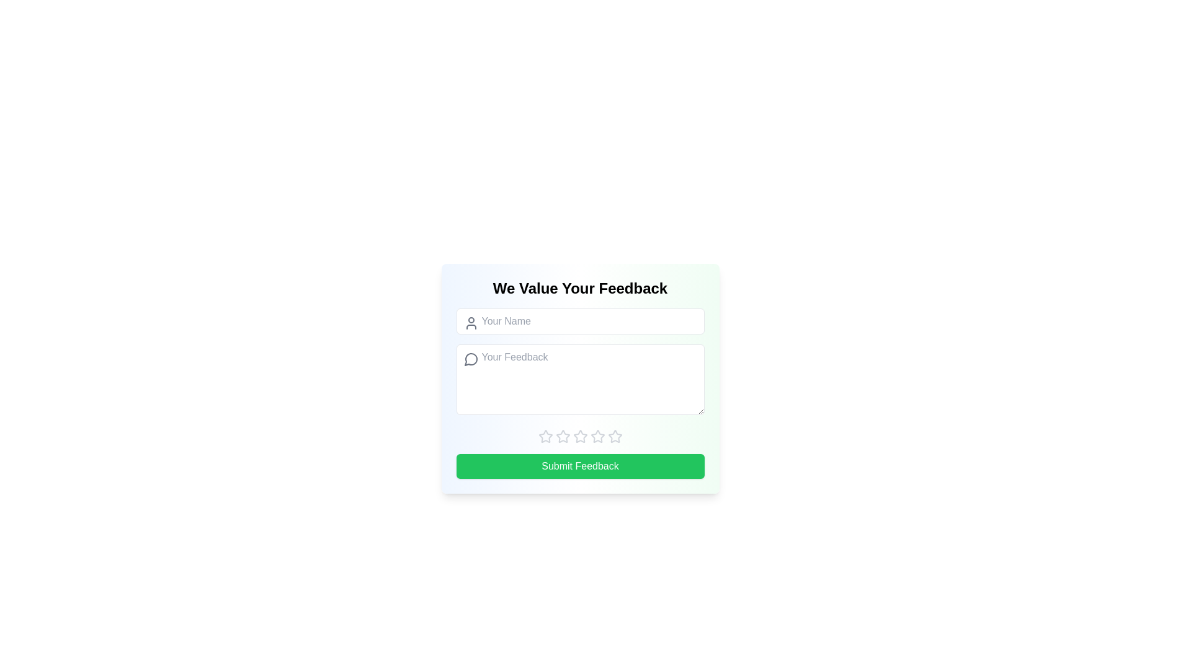 The image size is (1191, 669). What do you see at coordinates (470, 322) in the screenshot?
I see `the user icon, which is a minimalistic gray outline of a person's head and shoulders located on the left side of the 'Your Name' input field under the 'We Value Your Feedback' heading` at bounding box center [470, 322].